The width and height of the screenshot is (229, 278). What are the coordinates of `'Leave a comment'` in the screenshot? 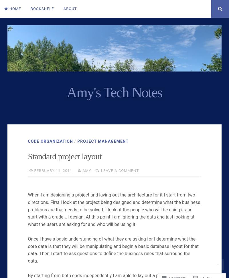 It's located at (120, 170).